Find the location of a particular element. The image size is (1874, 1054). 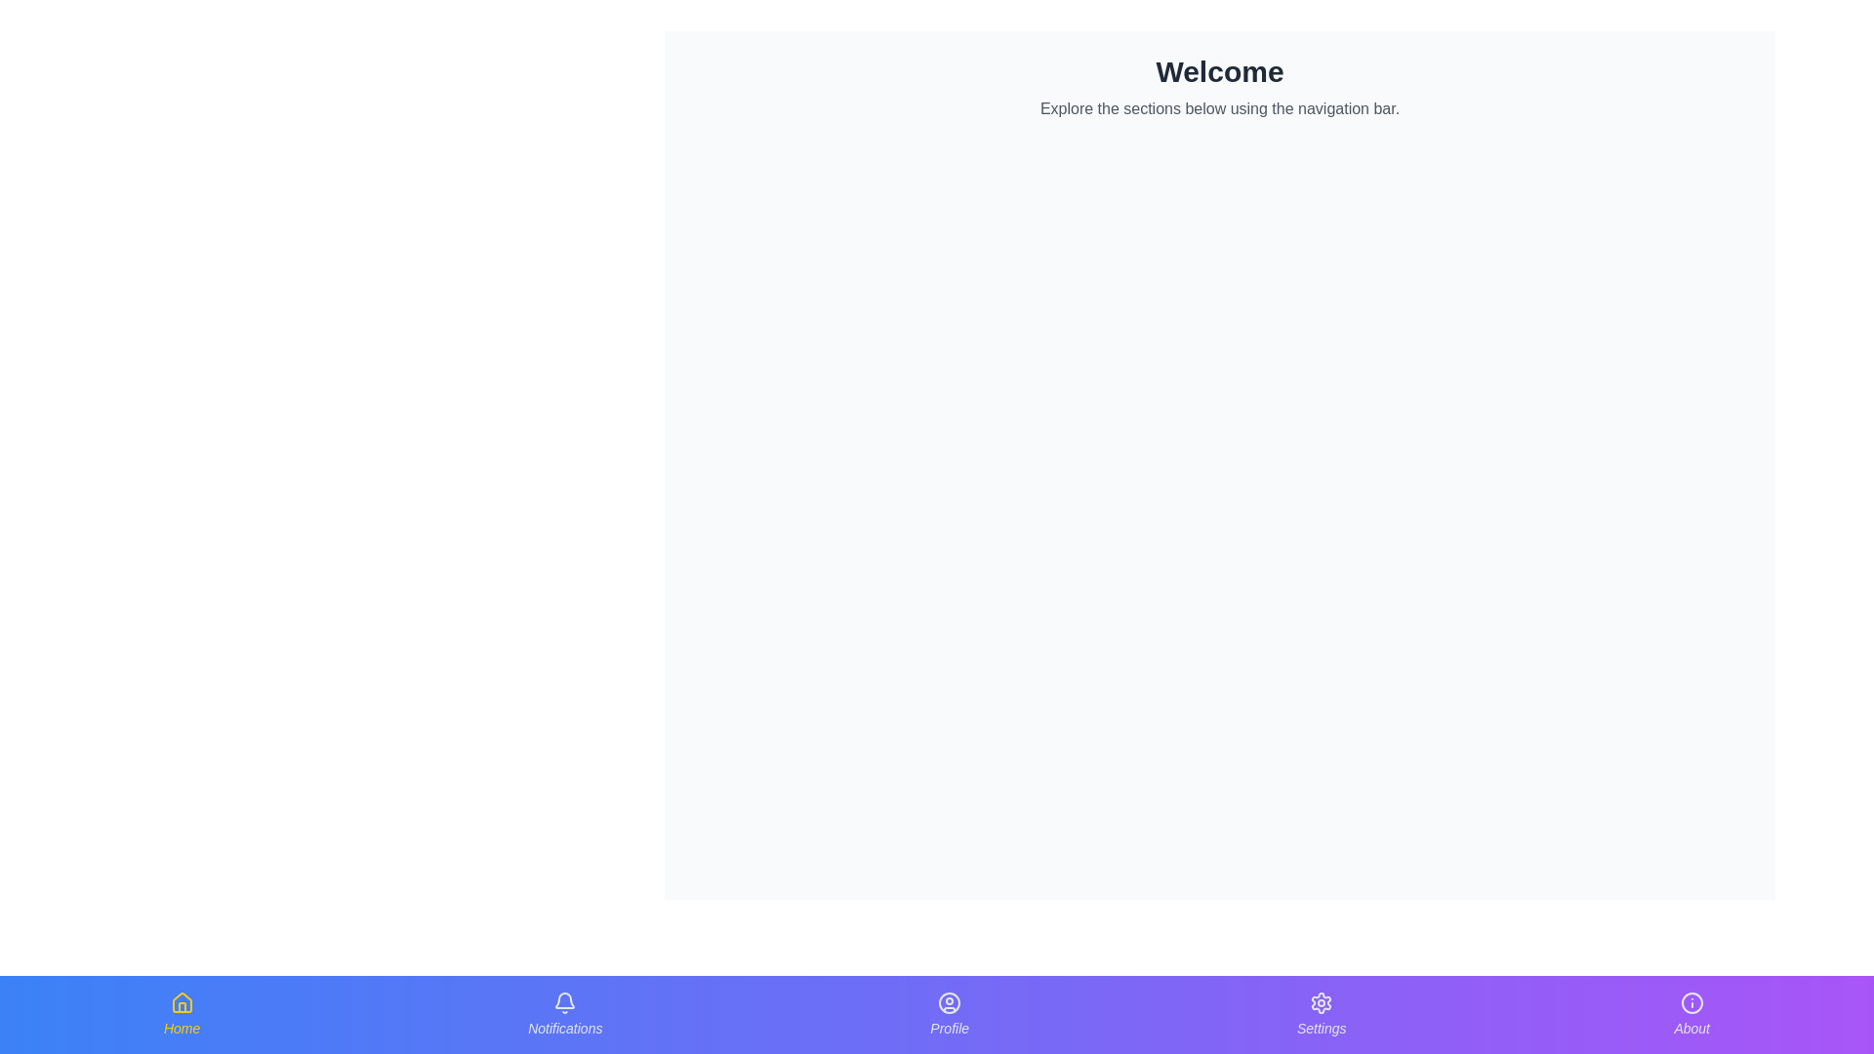

the 'Profile' button located in the bottom navigation bar, which features a user outline icon and the word 'Profile' in light gray font, to observe the hover effect is located at coordinates (950, 1014).